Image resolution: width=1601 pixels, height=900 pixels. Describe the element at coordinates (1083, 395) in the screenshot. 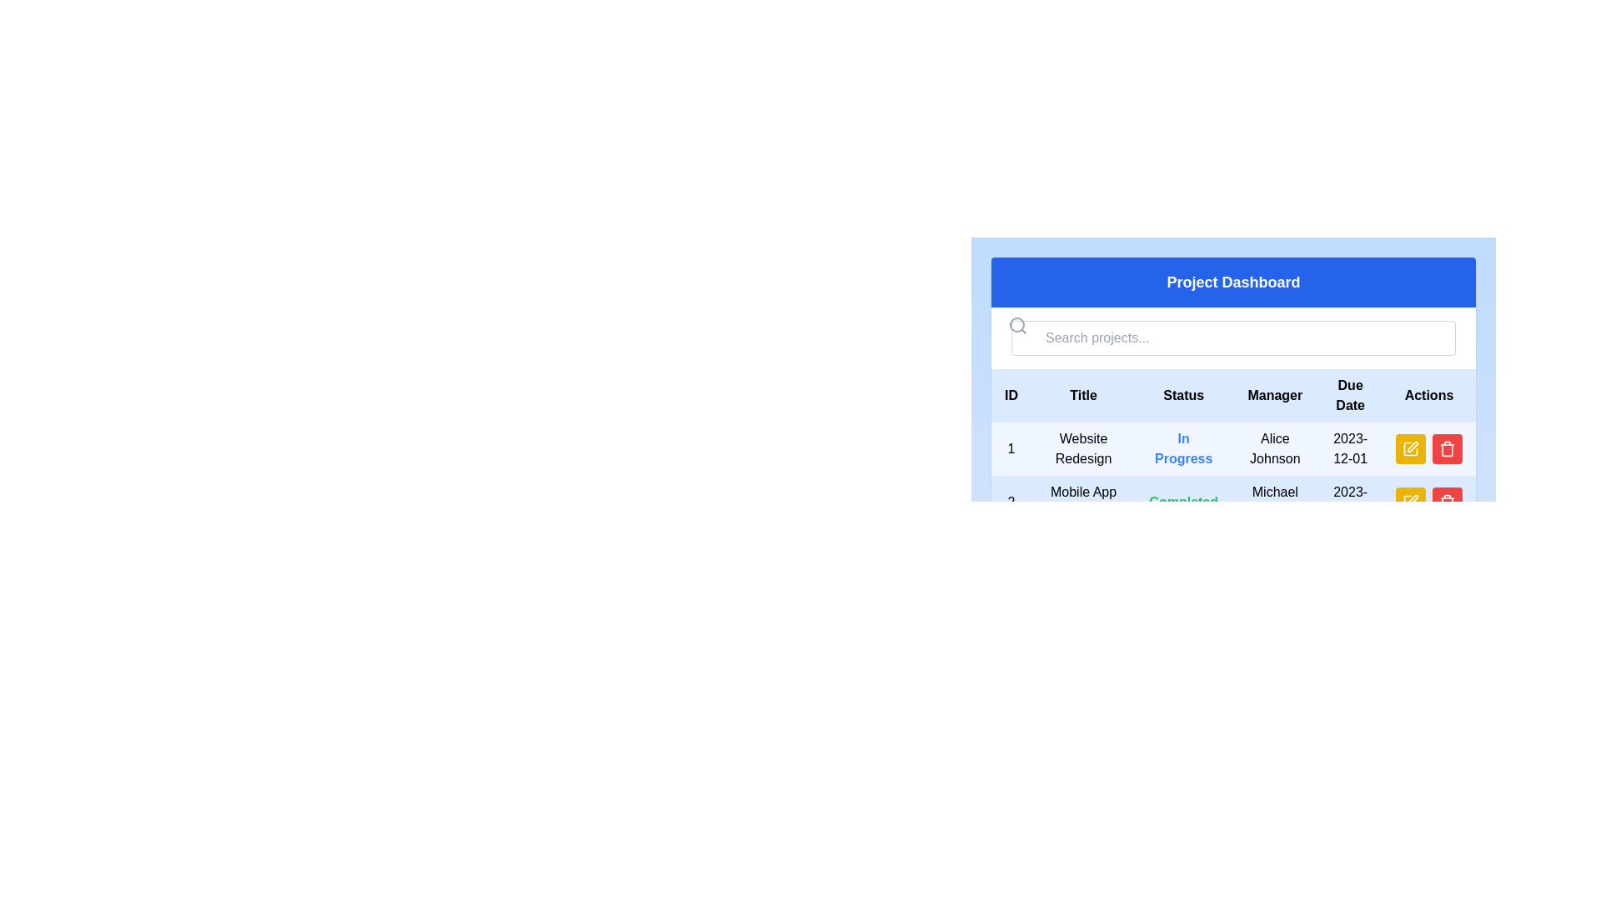

I see `the Text label that serves as the column header for titles or names, positioned between 'ID' and 'Status' in the table` at that location.